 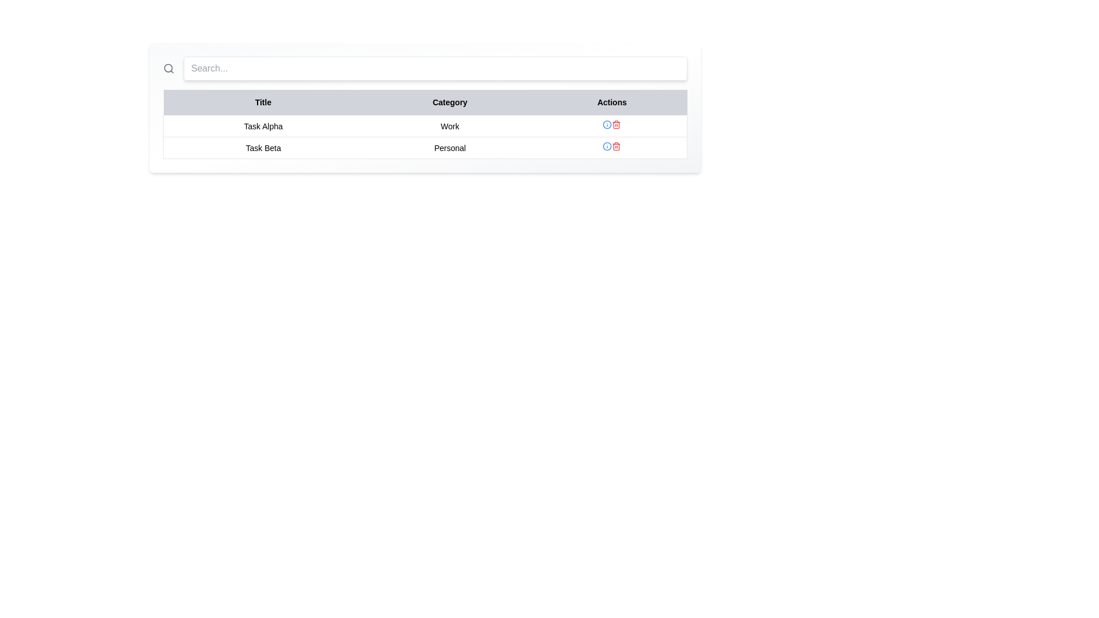 What do you see at coordinates (263, 147) in the screenshot?
I see `the text label for 'Task Beta' located under the 'Task Alpha' row in the 'Title' column of the task management interface` at bounding box center [263, 147].